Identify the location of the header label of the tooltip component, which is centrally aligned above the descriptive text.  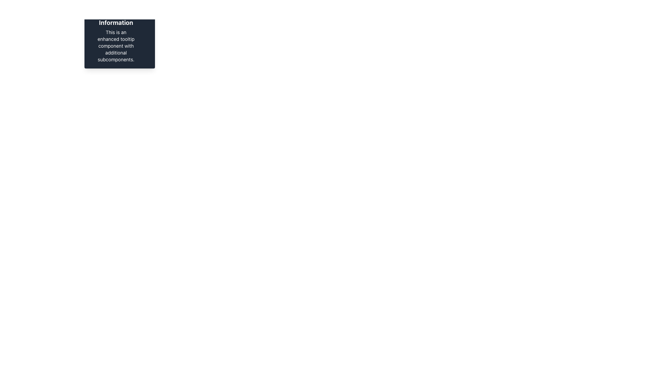
(116, 18).